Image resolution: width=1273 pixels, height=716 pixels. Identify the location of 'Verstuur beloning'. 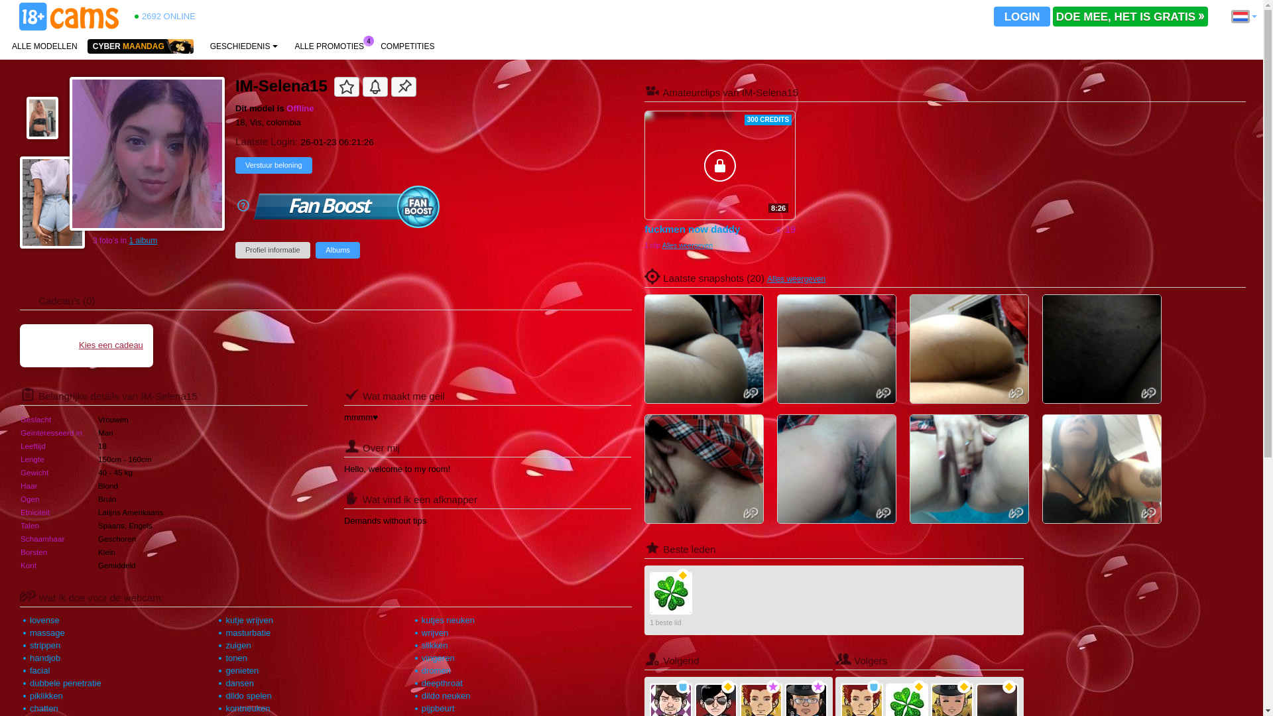
(273, 164).